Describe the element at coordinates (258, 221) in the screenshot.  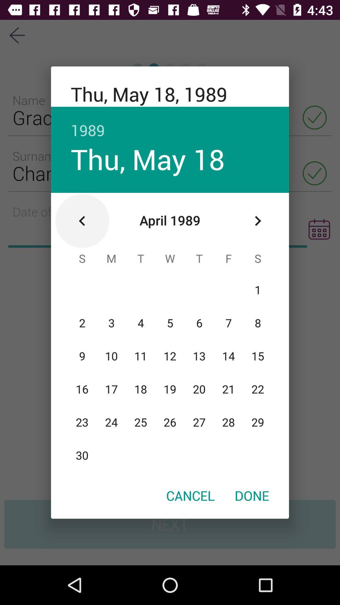
I see `the icon below the 1989 item` at that location.